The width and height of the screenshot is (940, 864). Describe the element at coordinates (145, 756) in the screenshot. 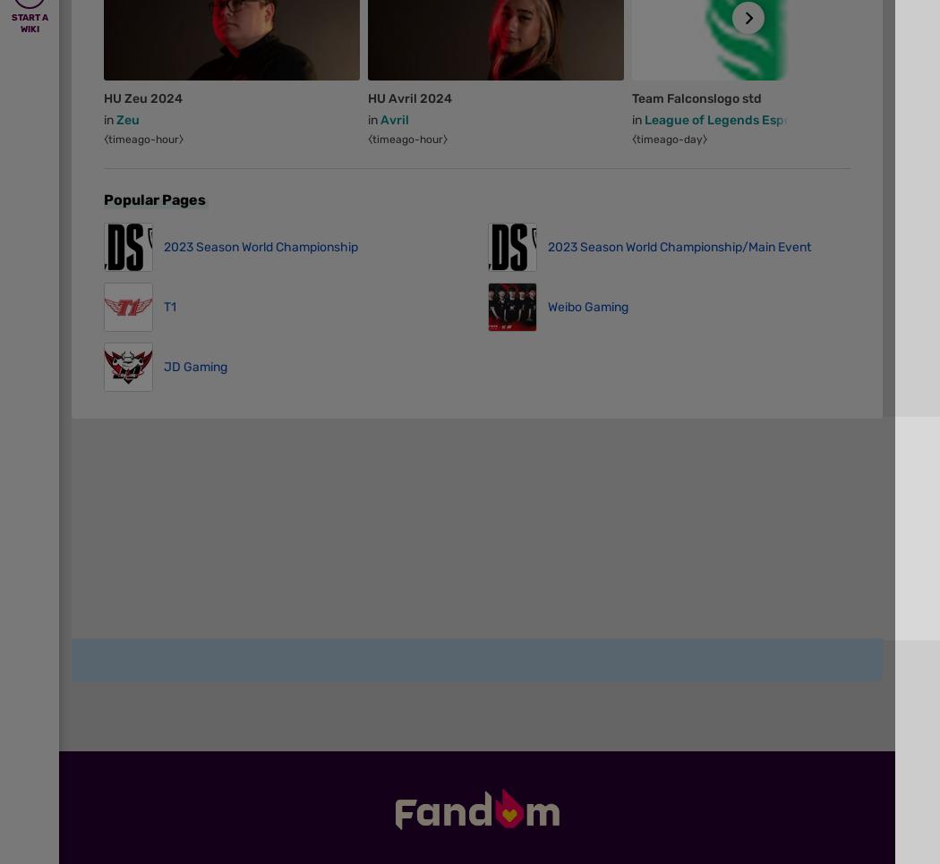

I see `'DAMAGE RATIO :'` at that location.